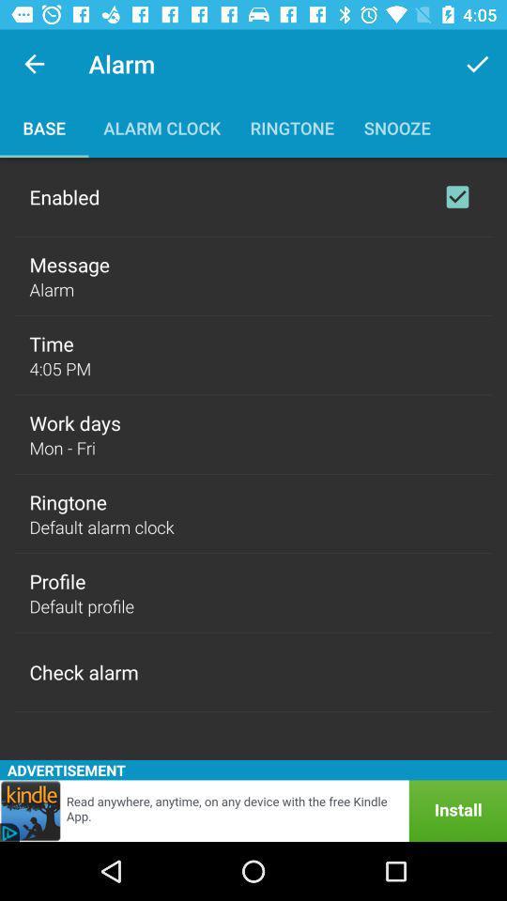 The image size is (507, 901). What do you see at coordinates (456, 197) in the screenshot?
I see `enabled option` at bounding box center [456, 197].